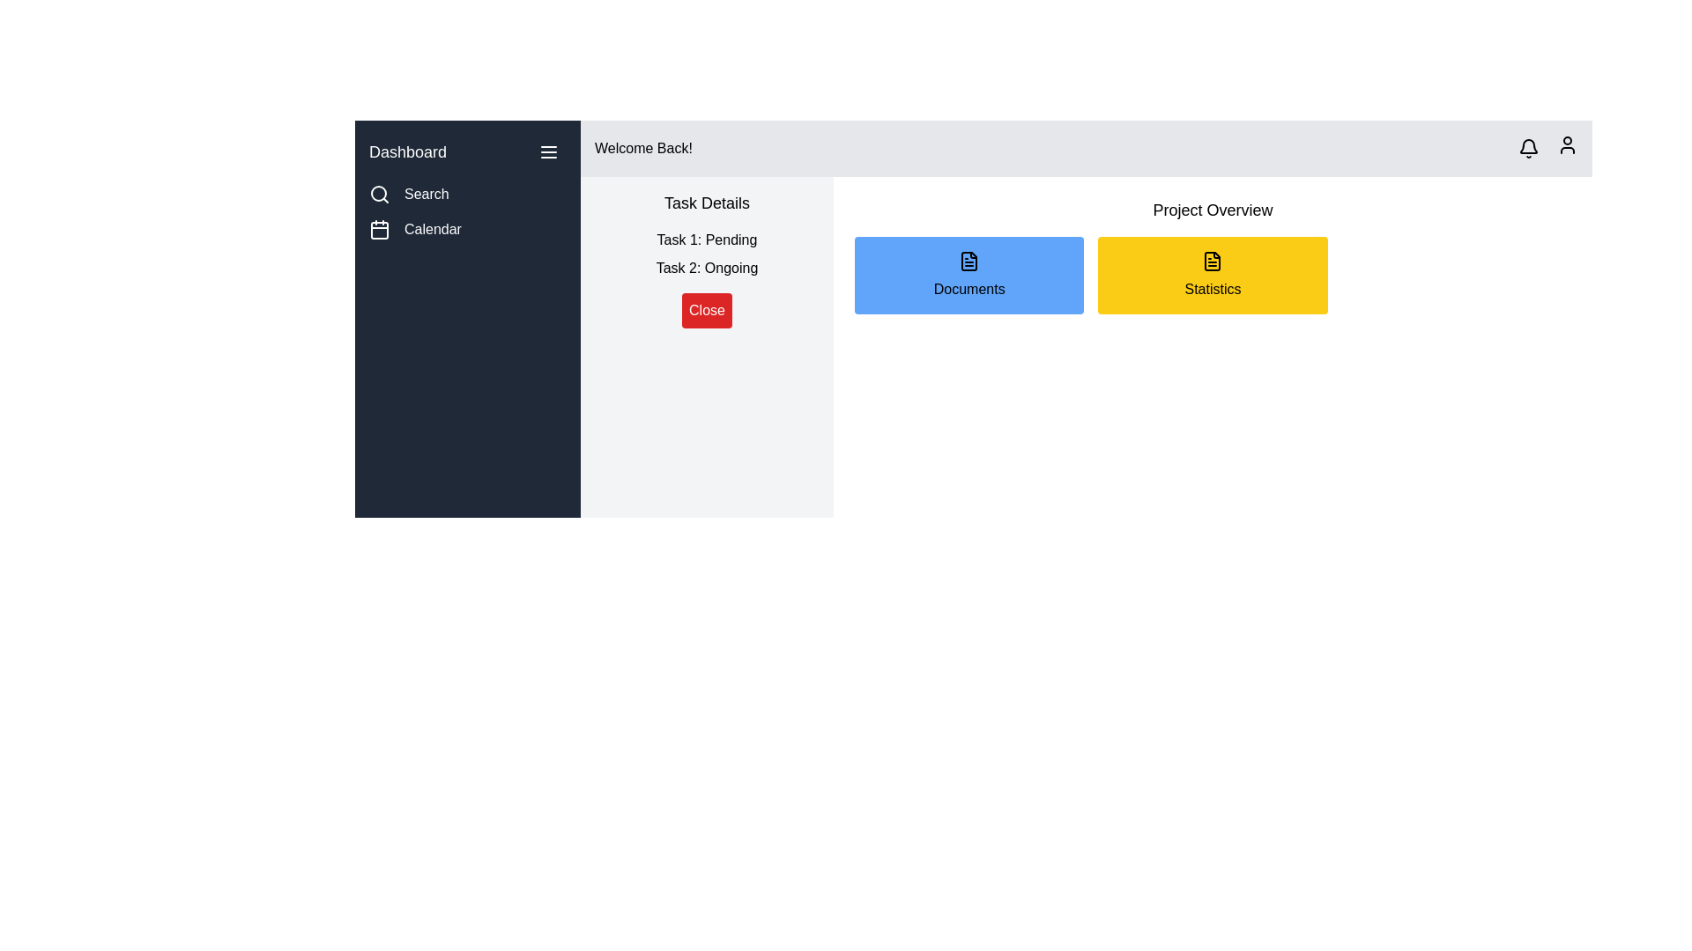 This screenshot has width=1692, height=951. I want to click on the SVG rectangle with rounded corners that serves as the body of the calendar icon, located in the vertical navigation menu, below the search icon and above the 'Calendar' label, so click(379, 230).